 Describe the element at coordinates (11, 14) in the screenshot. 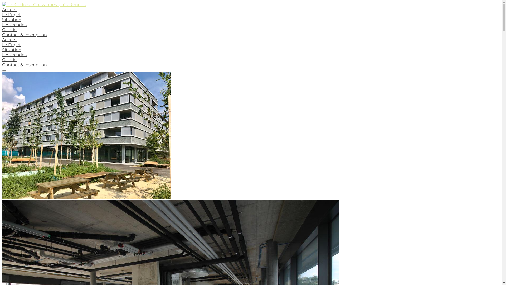

I see `'Le Projet'` at that location.